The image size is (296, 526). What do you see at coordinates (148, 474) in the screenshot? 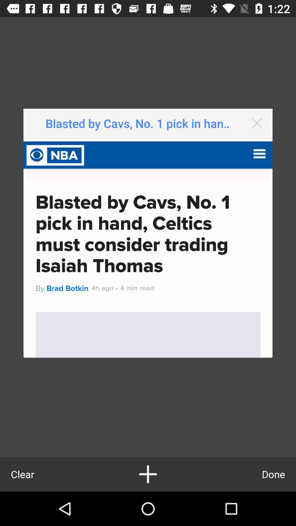
I see `the item next to the clear` at bounding box center [148, 474].